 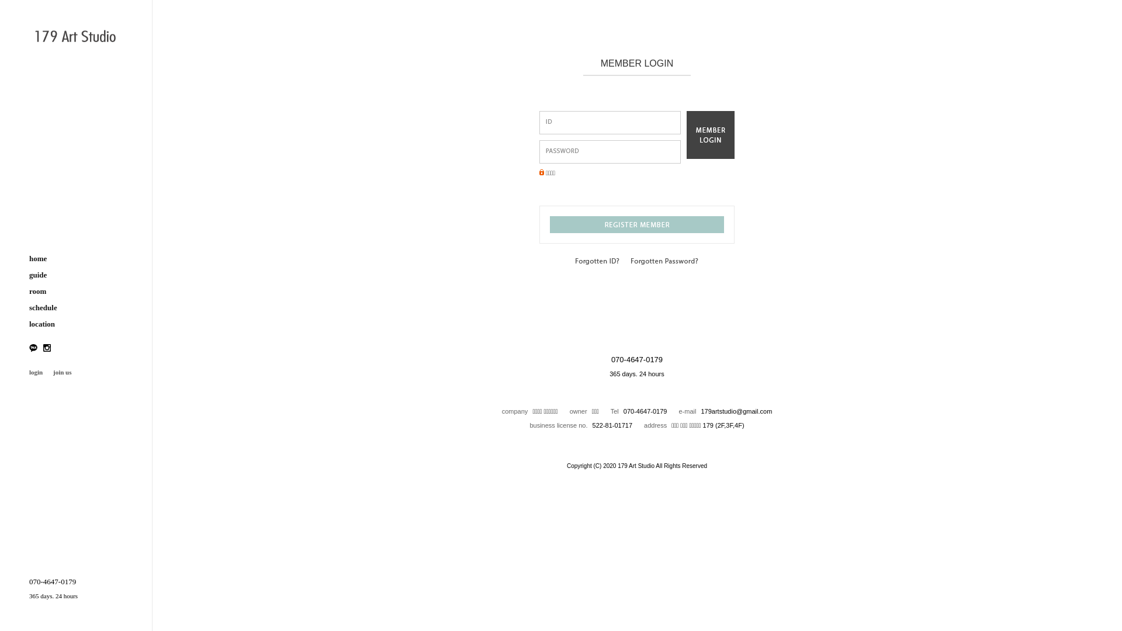 I want to click on 'room', so click(x=75, y=290).